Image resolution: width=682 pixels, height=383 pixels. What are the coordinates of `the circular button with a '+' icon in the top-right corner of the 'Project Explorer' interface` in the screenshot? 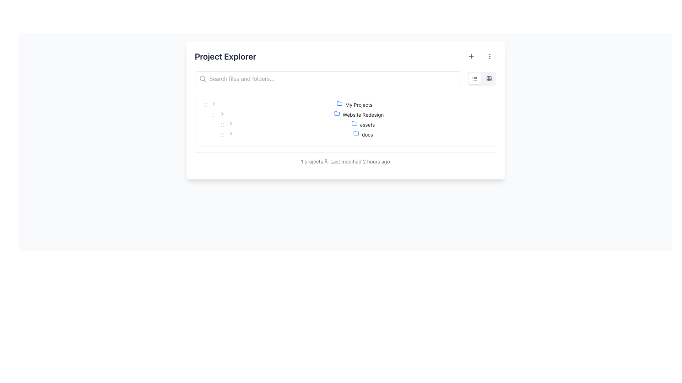 It's located at (471, 56).